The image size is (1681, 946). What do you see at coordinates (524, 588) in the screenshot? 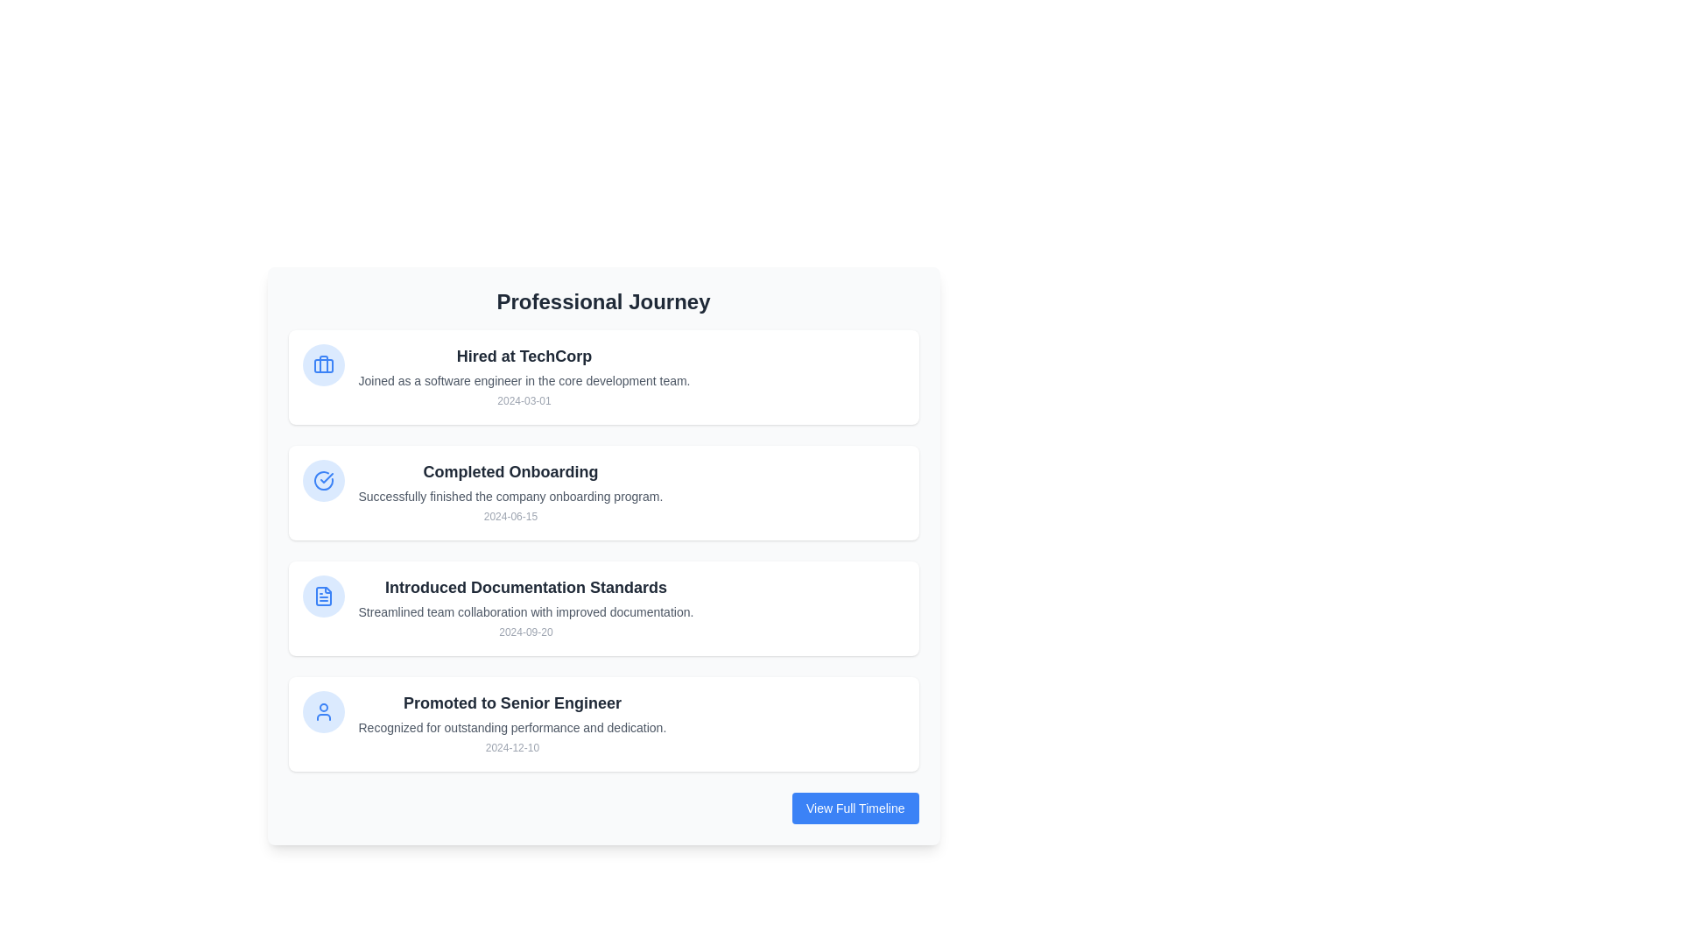
I see `text element displaying 'Introduced Documentation Standards', which is a bold title in dark gray color, located in the vertical list of events titled 'Professional Journey'` at bounding box center [524, 588].